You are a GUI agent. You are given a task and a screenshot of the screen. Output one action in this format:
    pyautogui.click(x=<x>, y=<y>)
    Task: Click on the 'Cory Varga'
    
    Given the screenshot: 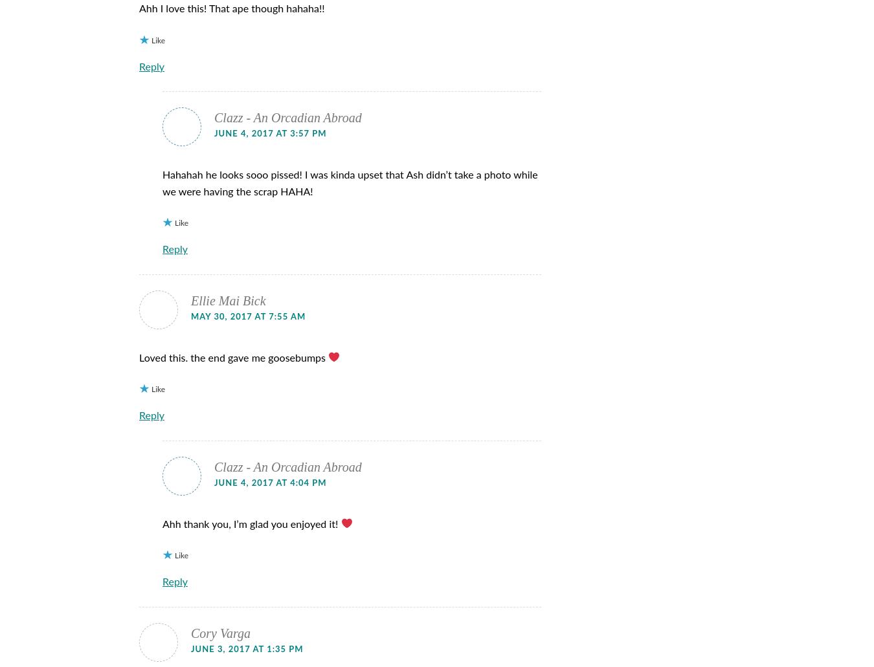 What is the action you would take?
    pyautogui.click(x=221, y=632)
    